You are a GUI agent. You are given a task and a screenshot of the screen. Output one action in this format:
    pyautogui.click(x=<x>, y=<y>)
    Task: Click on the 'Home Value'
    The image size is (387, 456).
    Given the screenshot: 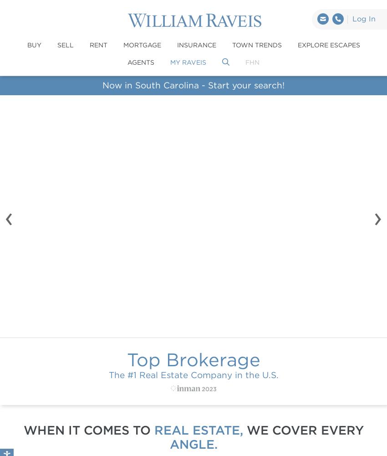 What is the action you would take?
    pyautogui.click(x=299, y=266)
    